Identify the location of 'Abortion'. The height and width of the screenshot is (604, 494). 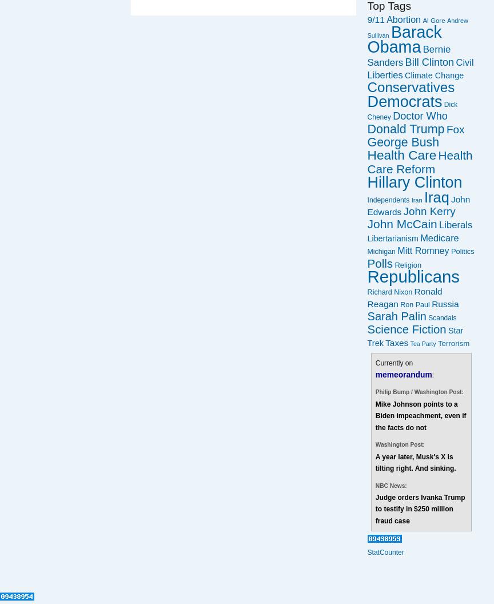
(403, 18).